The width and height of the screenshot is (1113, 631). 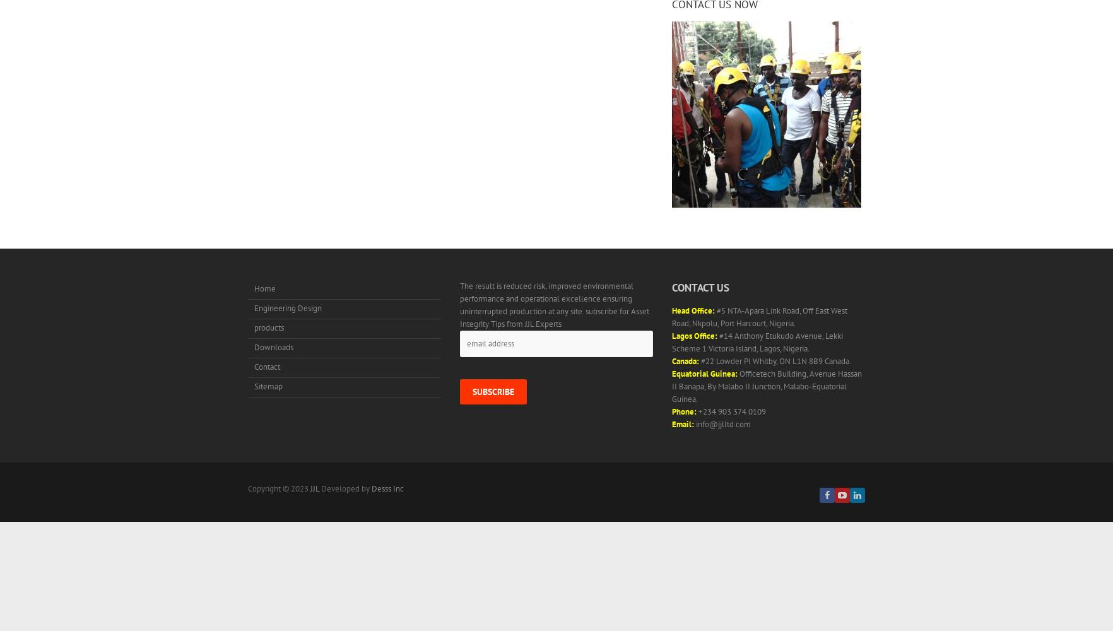 I want to click on 'Copyright © 2023', so click(x=248, y=488).